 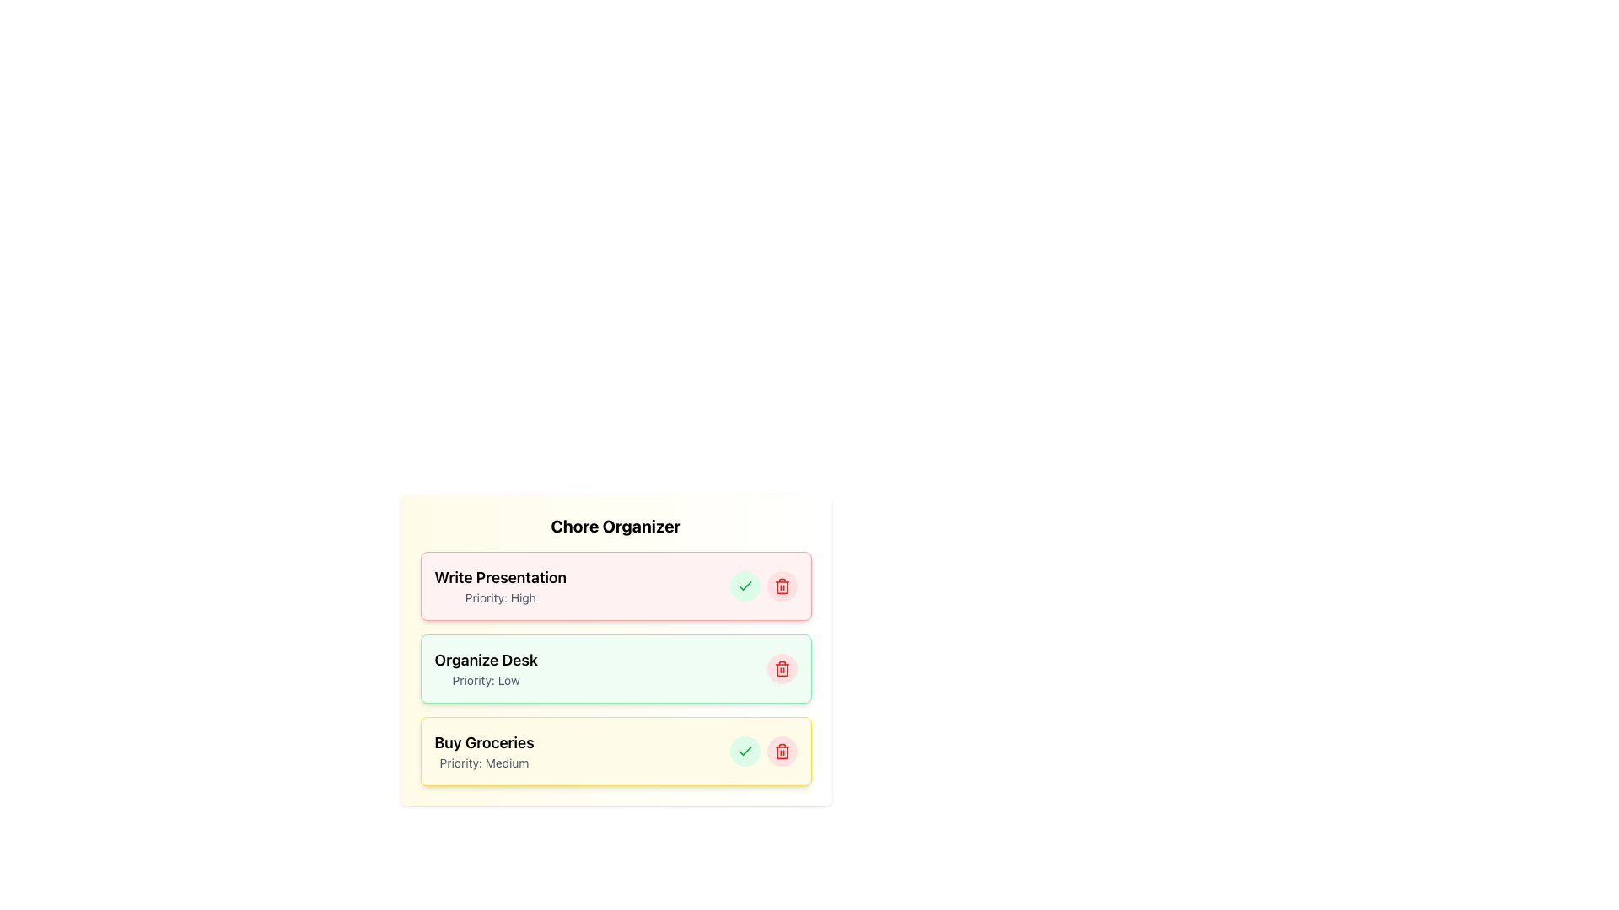 What do you see at coordinates (781, 585) in the screenshot?
I see `the small red trashcan icon button located at the top-right corner of the 'Write Presentation' task item to initiate the delete function` at bounding box center [781, 585].